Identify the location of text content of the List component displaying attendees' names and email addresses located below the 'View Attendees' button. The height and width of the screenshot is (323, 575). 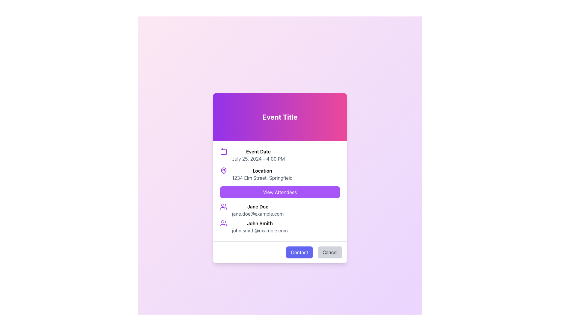
(280, 218).